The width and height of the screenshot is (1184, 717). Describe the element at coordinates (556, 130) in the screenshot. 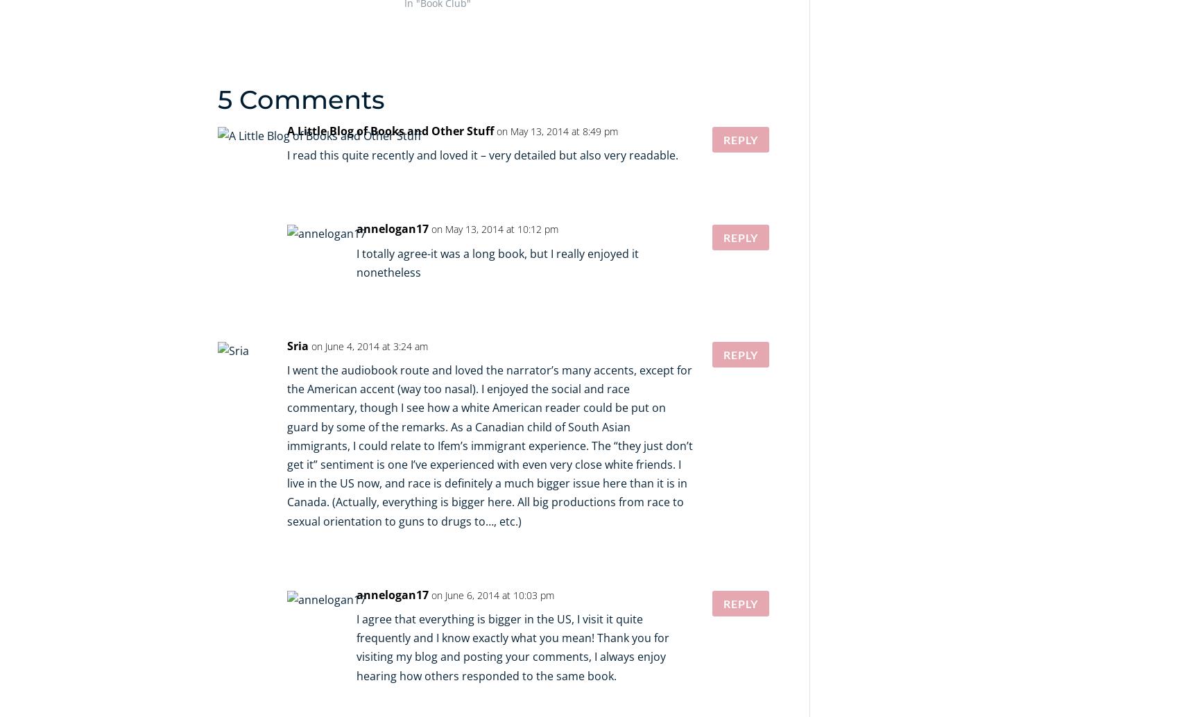

I see `'on May 13, 2014 at 8:49 pm'` at that location.